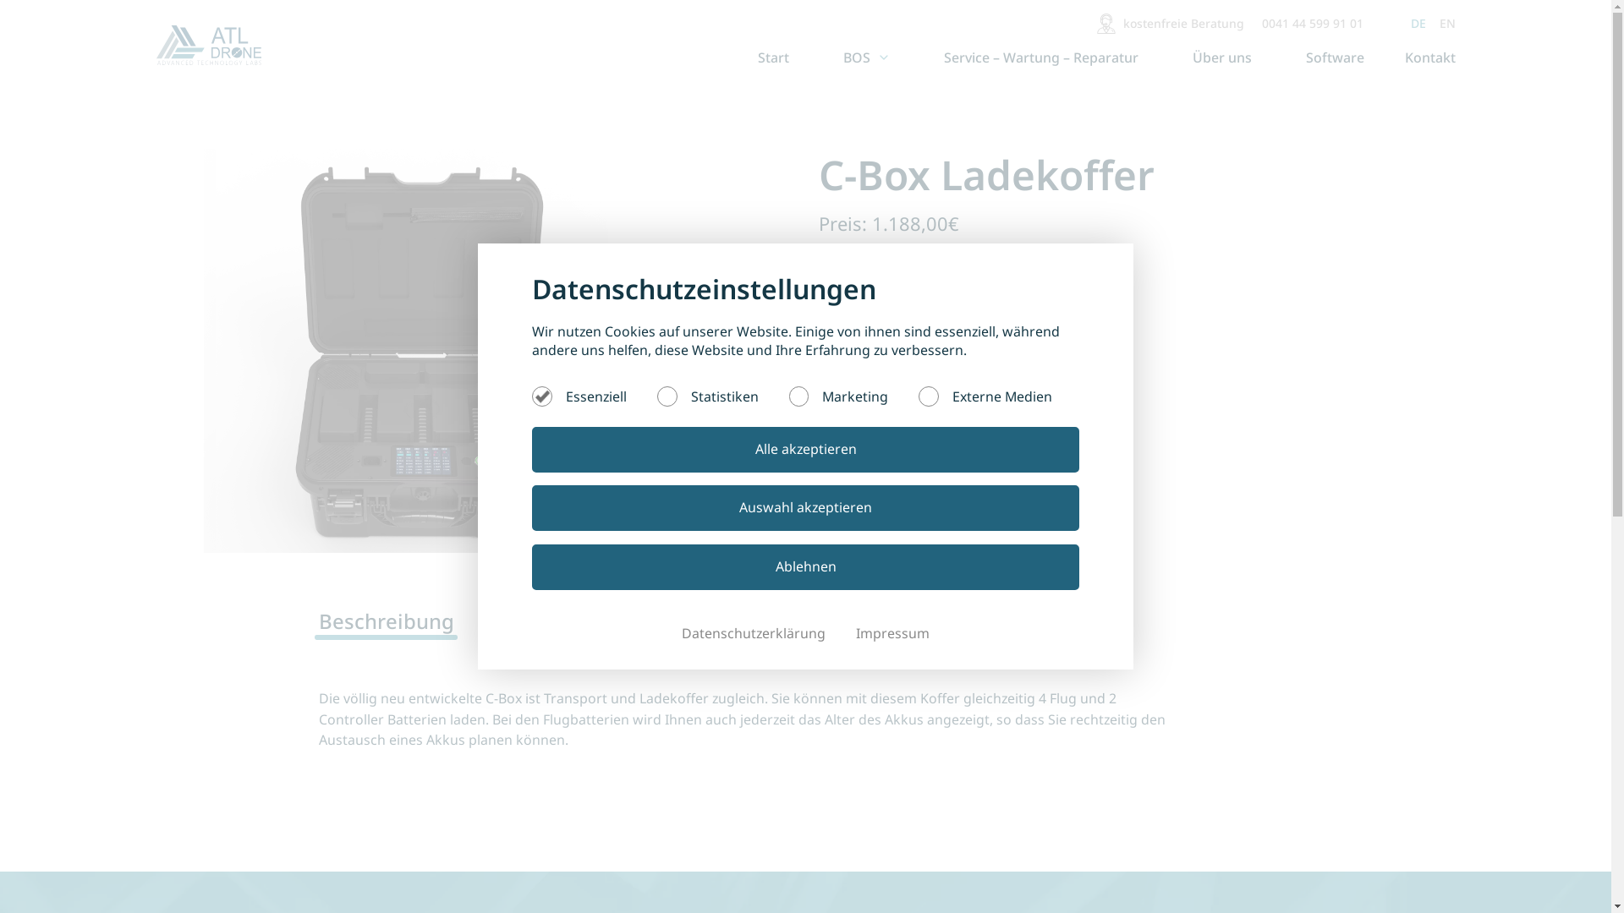  What do you see at coordinates (1418, 23) in the screenshot?
I see `'DE'` at bounding box center [1418, 23].